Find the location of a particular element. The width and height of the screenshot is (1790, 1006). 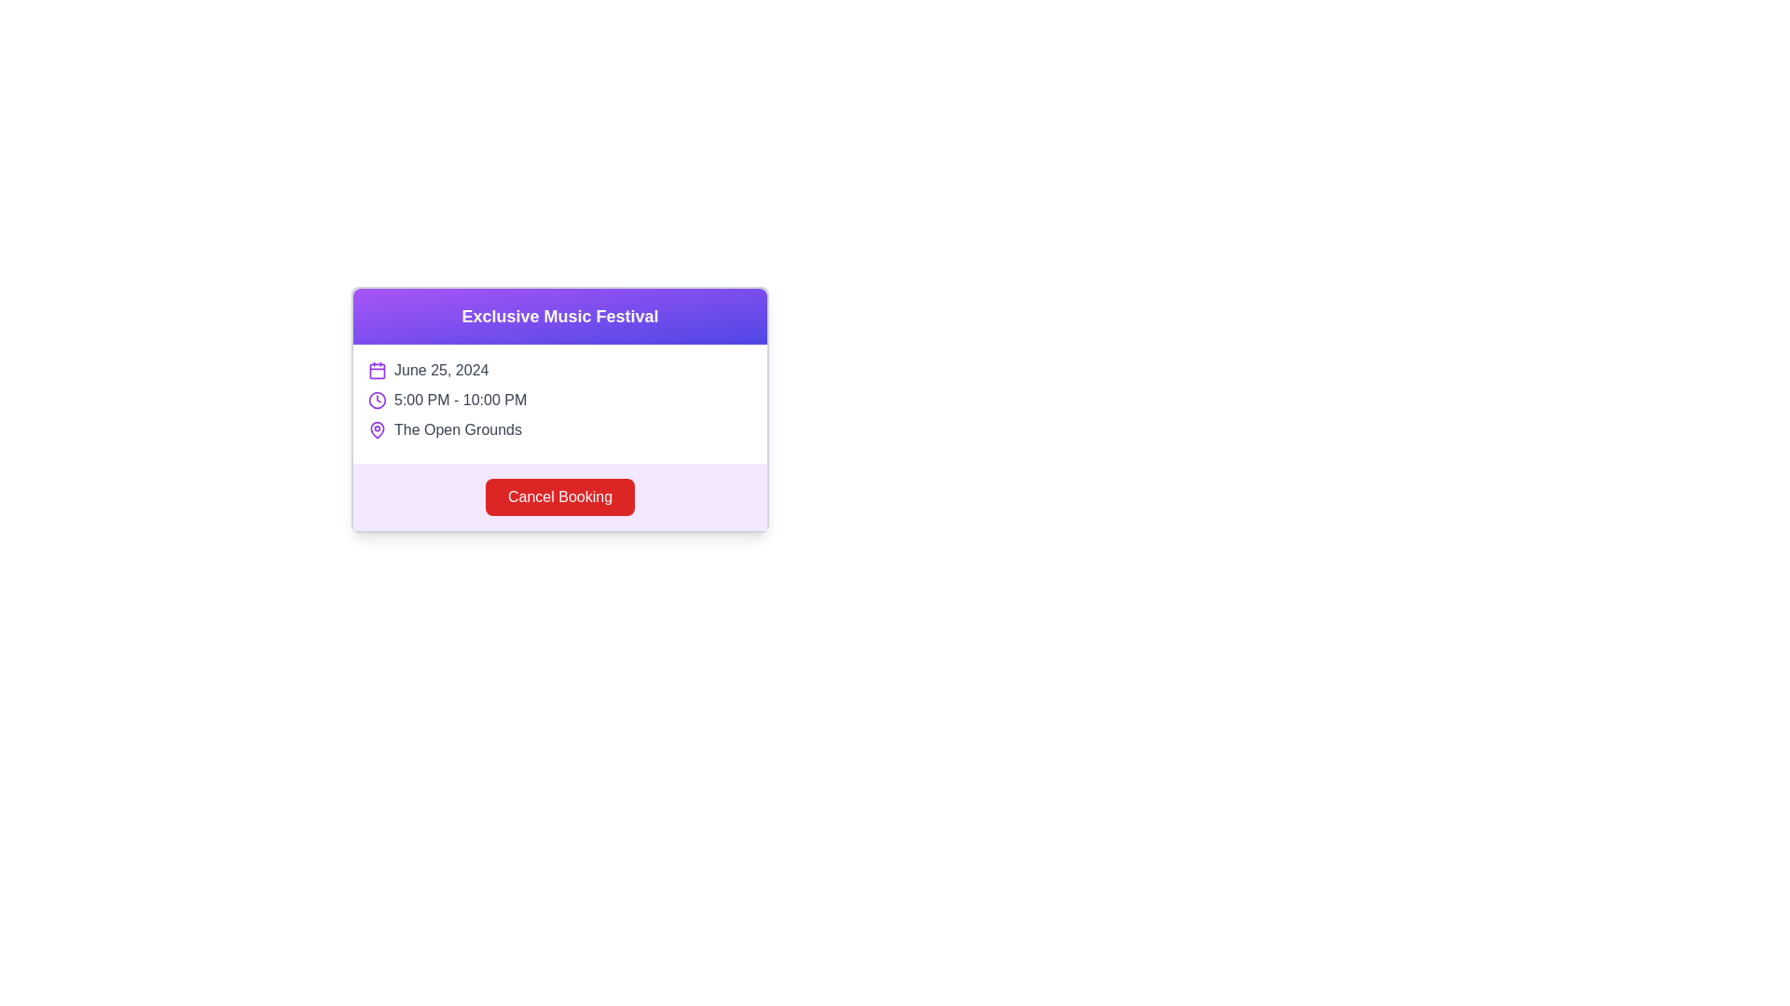

the purple location pin icon, which is located to the left of the 'The Open Grounds' label is located at coordinates (376, 430).